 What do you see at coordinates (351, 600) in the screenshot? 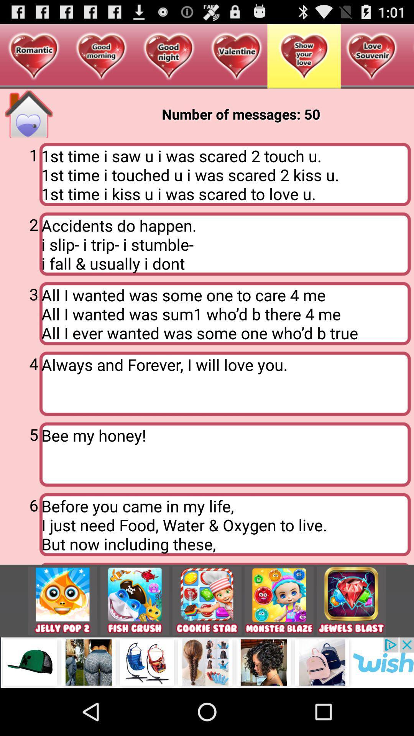
I see `the app` at bounding box center [351, 600].